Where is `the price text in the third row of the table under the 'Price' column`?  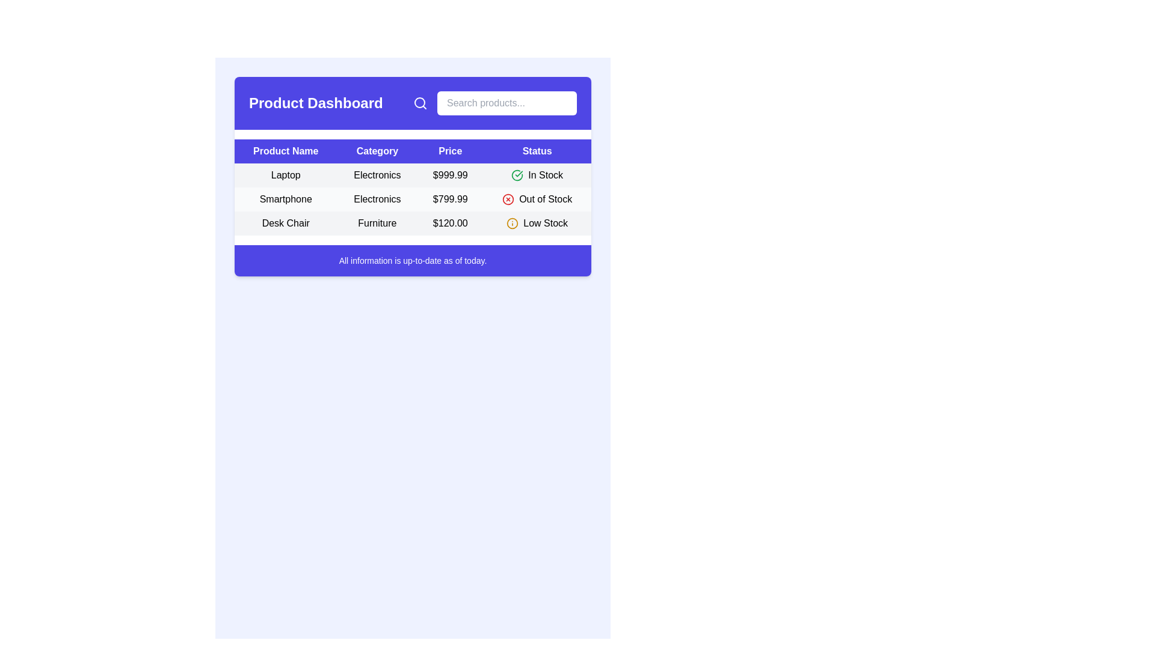 the price text in the third row of the table under the 'Price' column is located at coordinates (449, 223).